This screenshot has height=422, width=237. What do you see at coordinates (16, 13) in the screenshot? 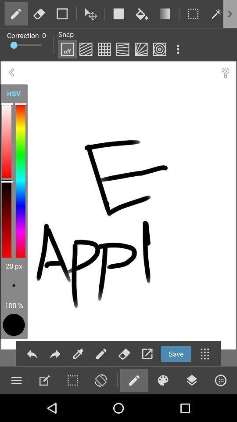
I see `edit` at bounding box center [16, 13].